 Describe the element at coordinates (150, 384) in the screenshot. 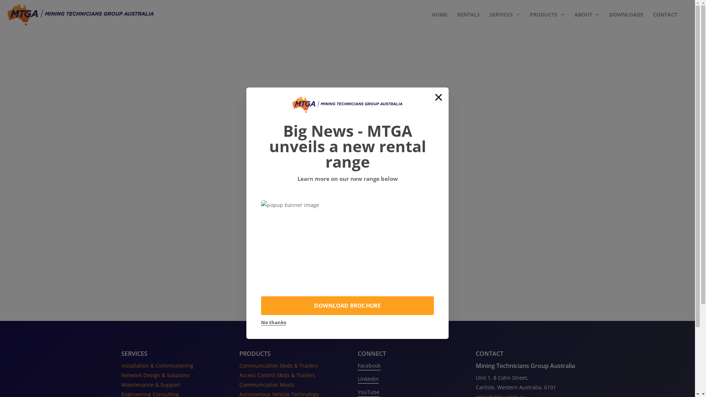

I see `'Maintenance & Support'` at that location.